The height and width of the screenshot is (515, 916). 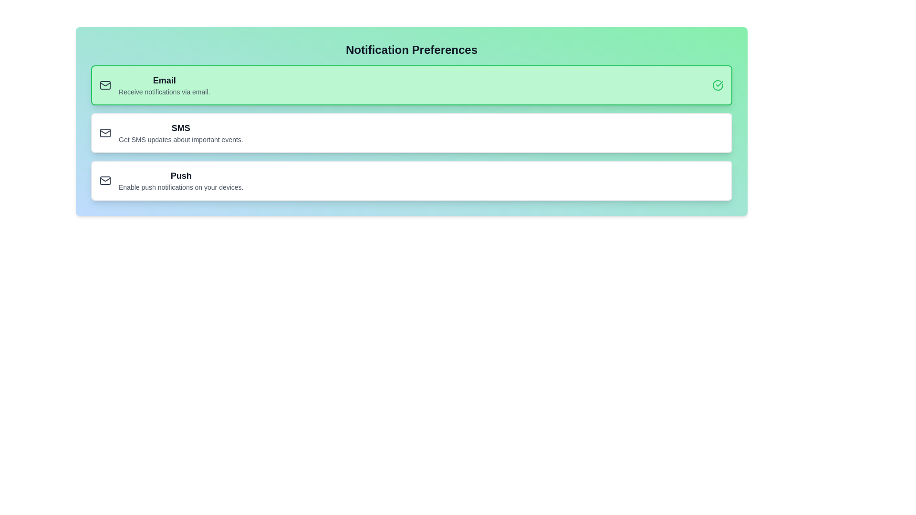 I want to click on the envelope-shaped icon for SMS notification settings, which is located at the top-left corner of the SMS option, next to the label 'SMS', so click(x=105, y=133).